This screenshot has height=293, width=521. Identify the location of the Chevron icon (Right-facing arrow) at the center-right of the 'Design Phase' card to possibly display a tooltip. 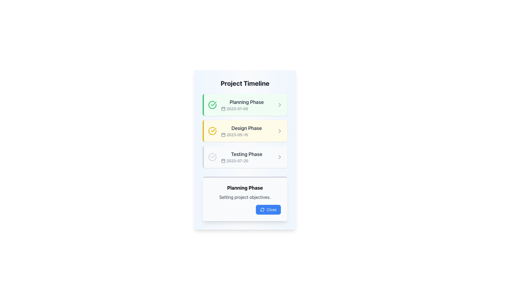
(280, 131).